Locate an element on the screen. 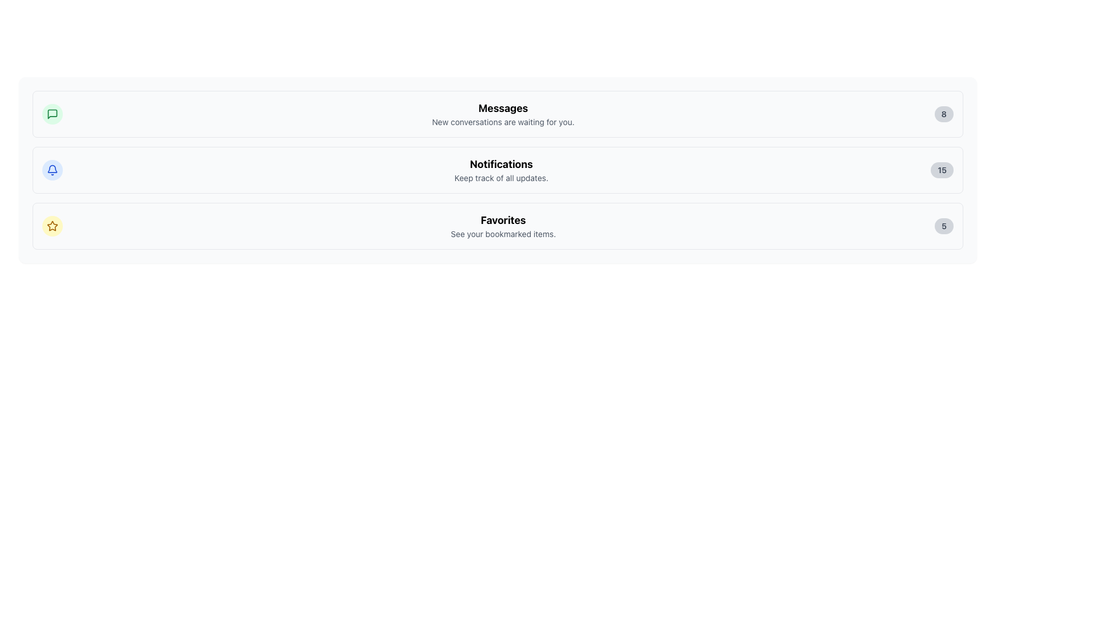  the speech bubble icon is located at coordinates (51, 114).